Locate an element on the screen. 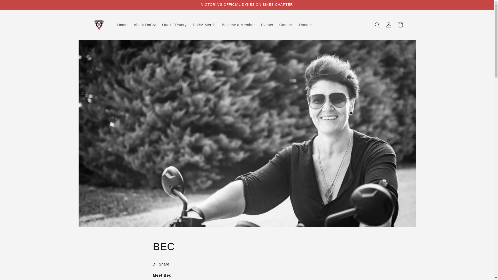  'Cart' is located at coordinates (394, 25).